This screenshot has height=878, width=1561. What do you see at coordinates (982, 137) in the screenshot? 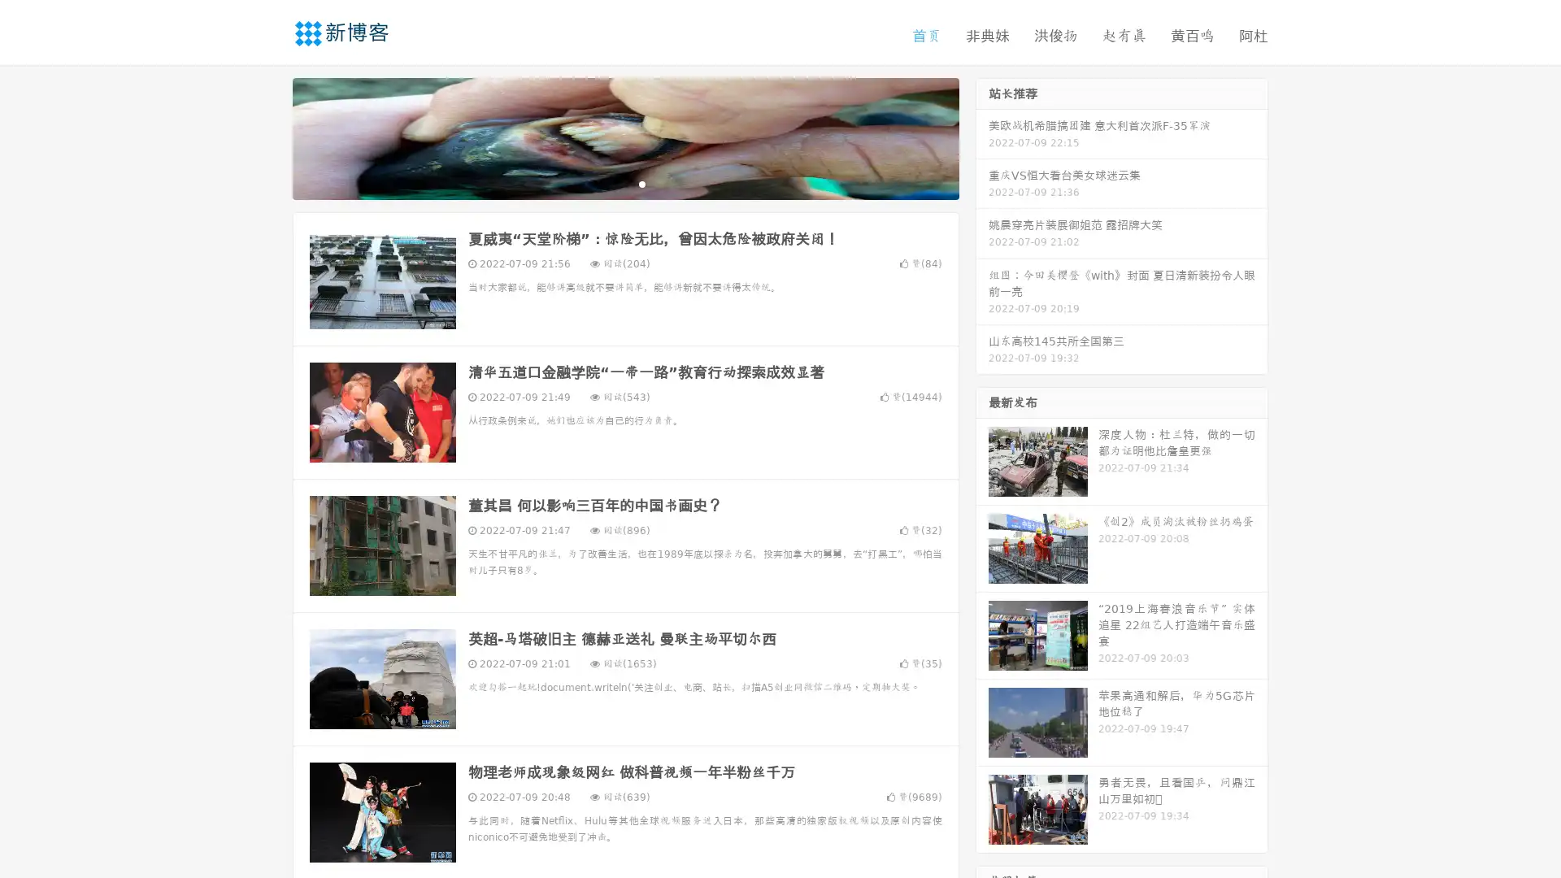
I see `Next slide` at bounding box center [982, 137].